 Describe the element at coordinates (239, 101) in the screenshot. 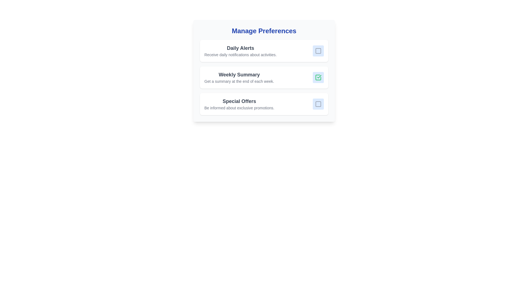

I see `the 'Special Offers' text label, which is styled in bold and large font, located under 'Manage Preferences' as the third entry in the vertical list` at that location.